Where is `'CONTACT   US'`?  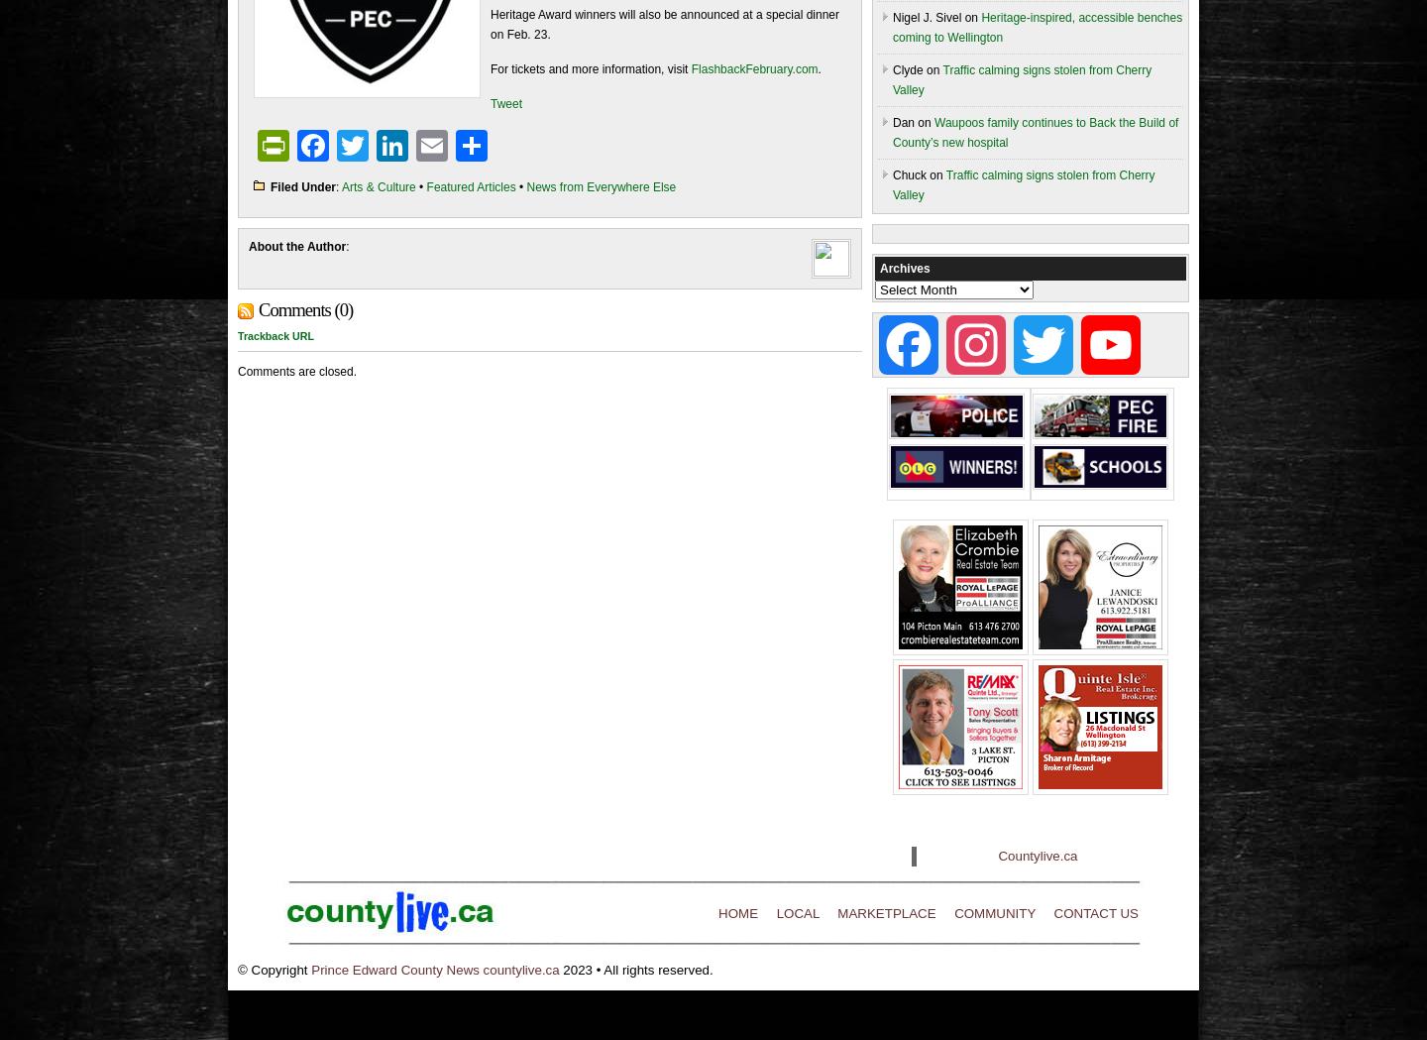 'CONTACT   US' is located at coordinates (1053, 912).